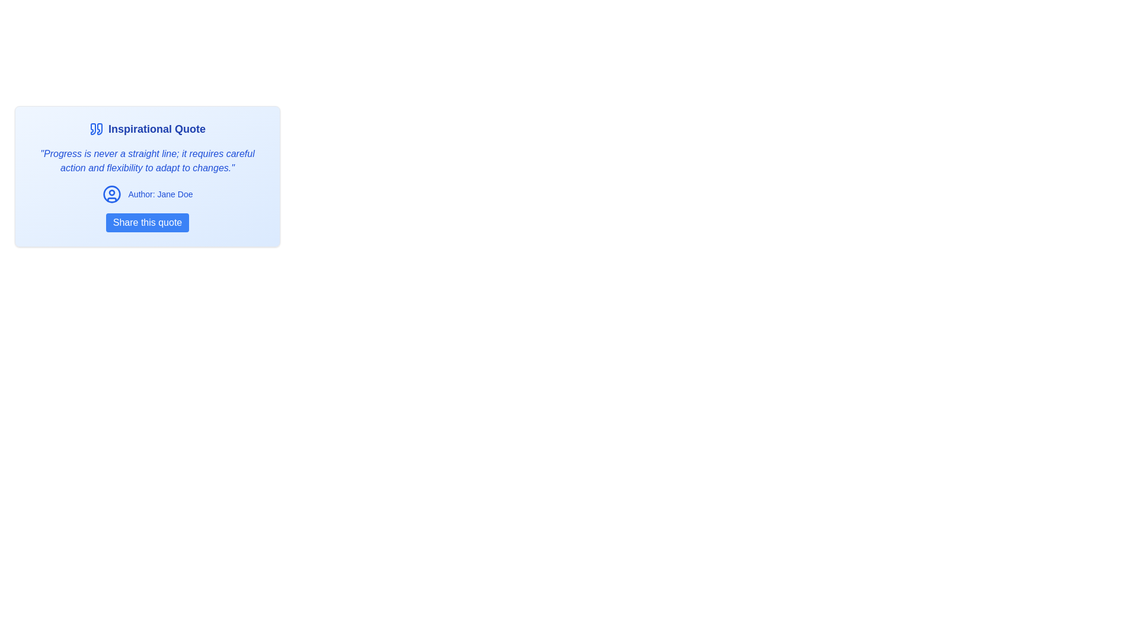 The width and height of the screenshot is (1138, 640). What do you see at coordinates (97, 129) in the screenshot?
I see `the icon depicting double quotation marks with a blue outline, located to the left of the text 'Inspirational Quote'` at bounding box center [97, 129].